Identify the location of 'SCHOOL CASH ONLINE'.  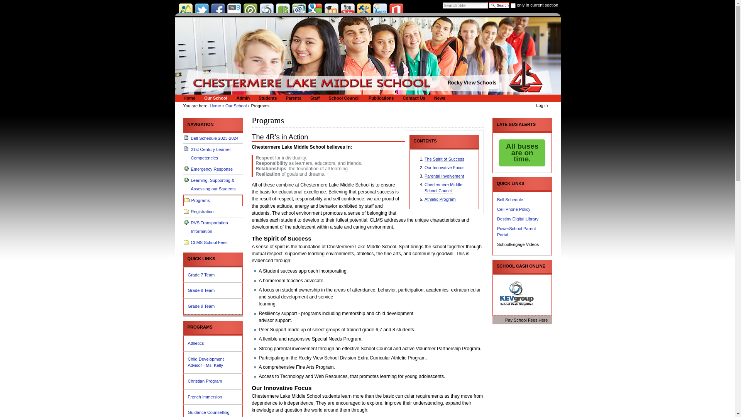
(522, 266).